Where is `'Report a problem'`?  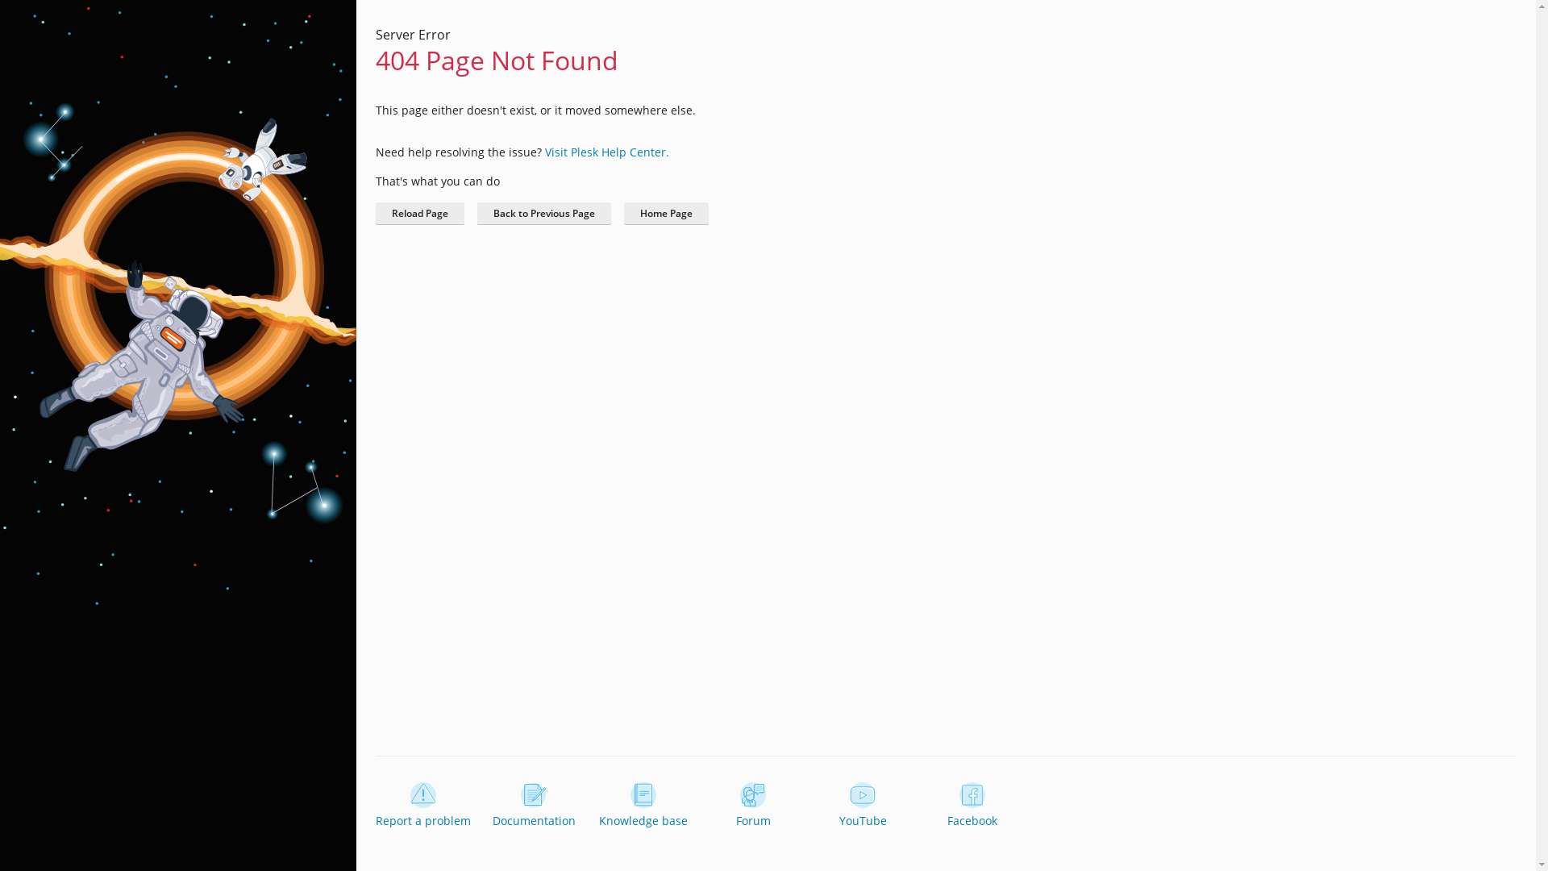
'Report a problem' is located at coordinates (422, 806).